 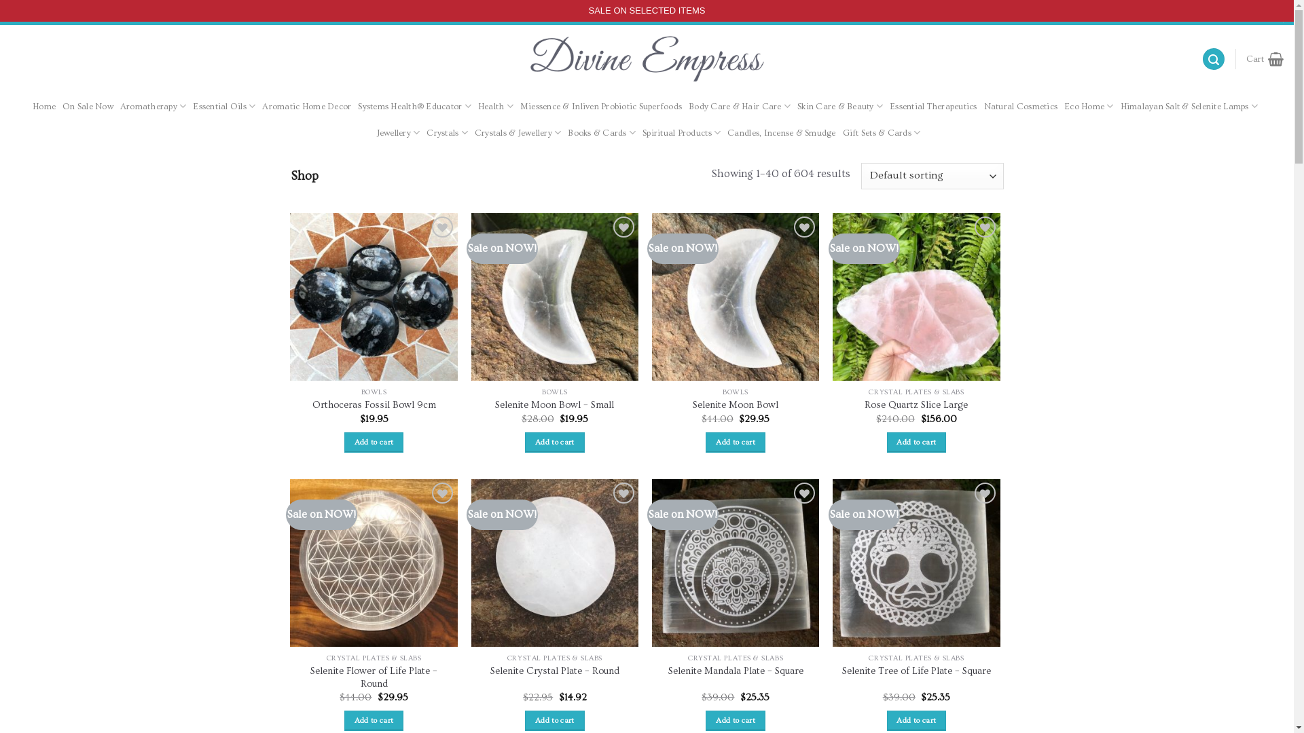 What do you see at coordinates (397, 132) in the screenshot?
I see `'Jewellery'` at bounding box center [397, 132].